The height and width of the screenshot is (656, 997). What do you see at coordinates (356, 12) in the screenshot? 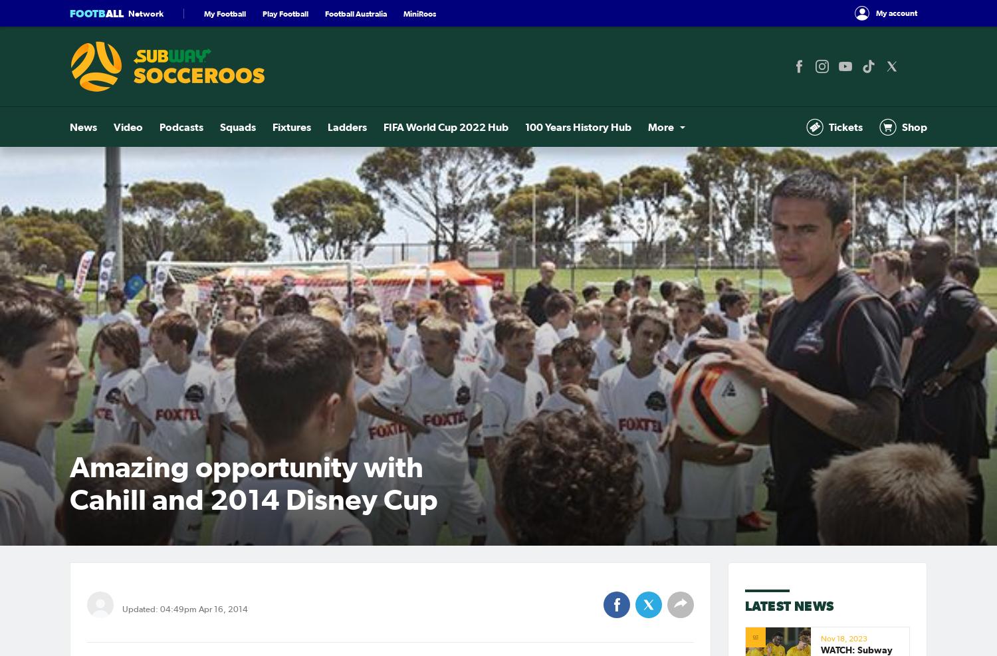
I see `'Football Australia'` at bounding box center [356, 12].